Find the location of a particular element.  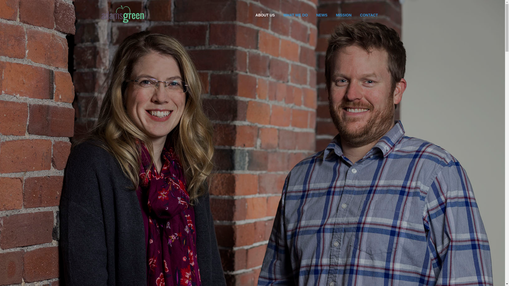

'MISSION' is located at coordinates (331, 15).